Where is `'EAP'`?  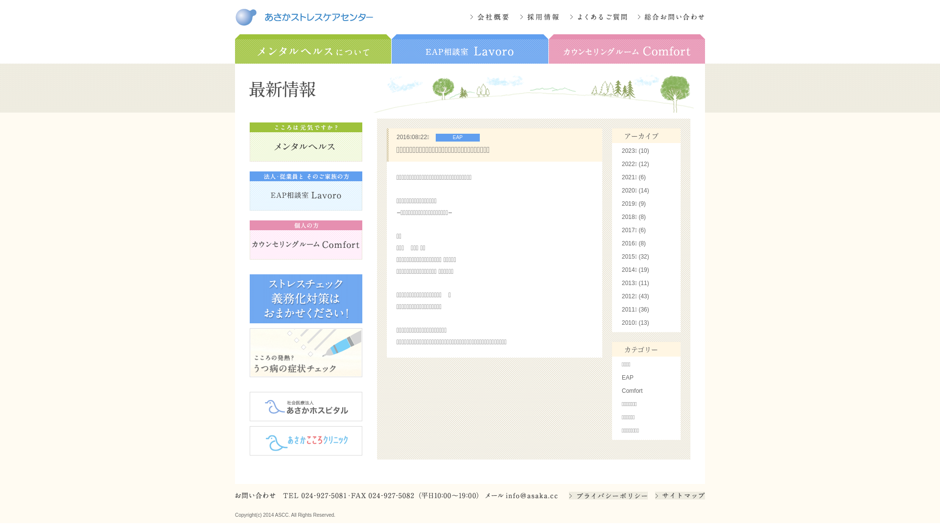
'EAP' is located at coordinates (627, 377).